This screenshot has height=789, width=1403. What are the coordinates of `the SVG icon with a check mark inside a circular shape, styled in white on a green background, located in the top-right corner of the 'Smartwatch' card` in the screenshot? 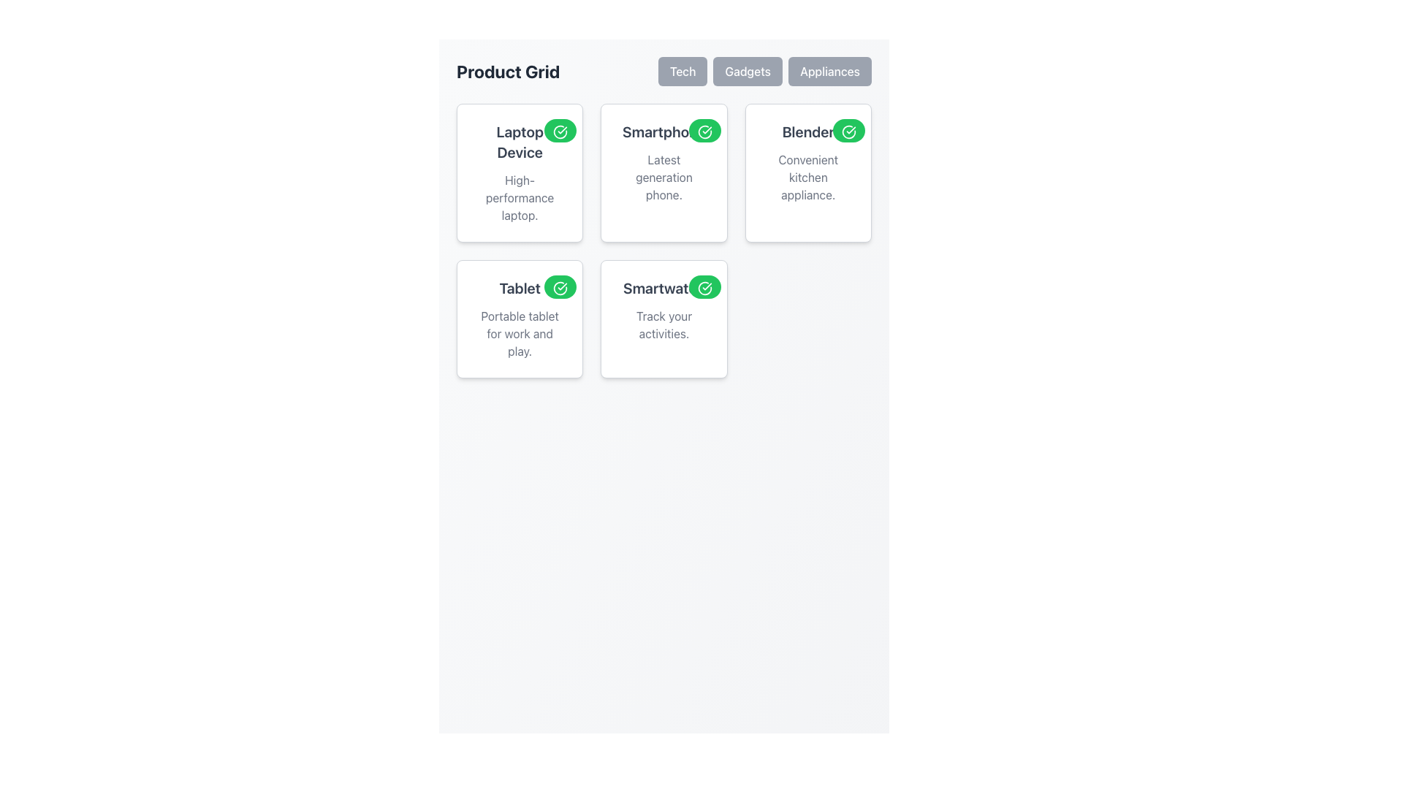 It's located at (704, 288).